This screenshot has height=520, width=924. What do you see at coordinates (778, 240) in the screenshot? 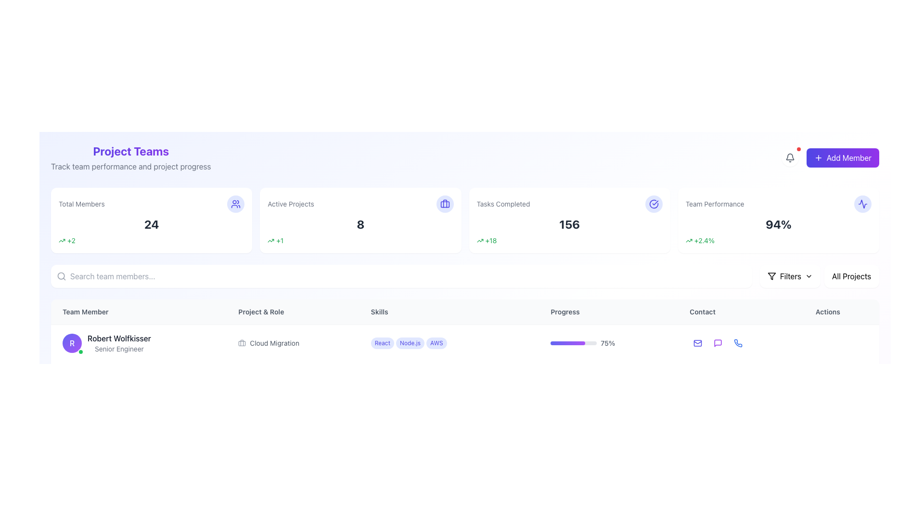
I see `the associated data for the Text with icon displaying a percentage change below '94%' in the 'Team Performance' card located at the top-right section of the interface` at bounding box center [778, 240].